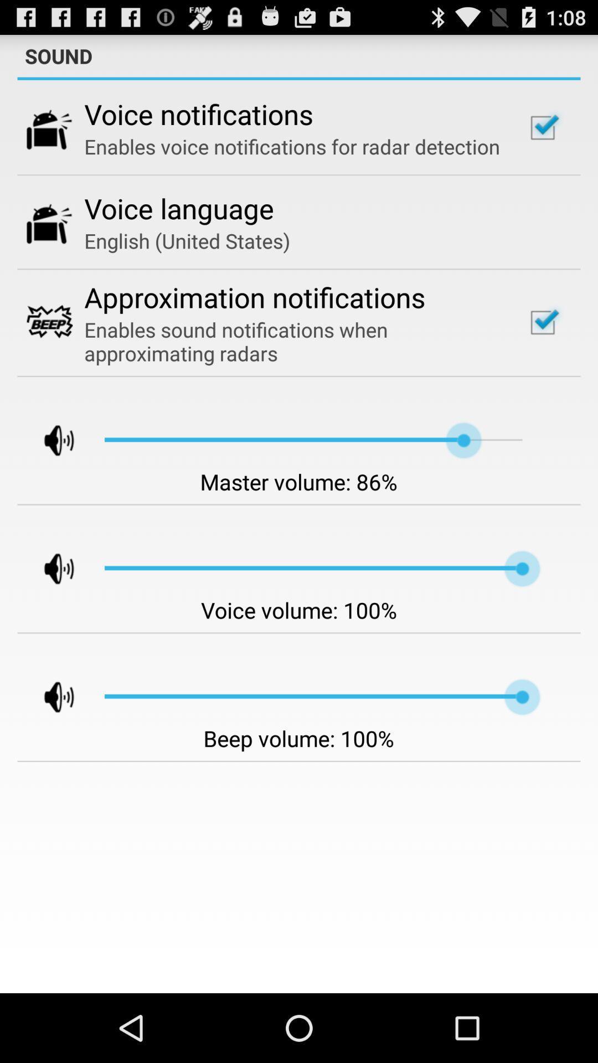  Describe the element at coordinates (542, 127) in the screenshot. I see `the option which is below the sound` at that location.